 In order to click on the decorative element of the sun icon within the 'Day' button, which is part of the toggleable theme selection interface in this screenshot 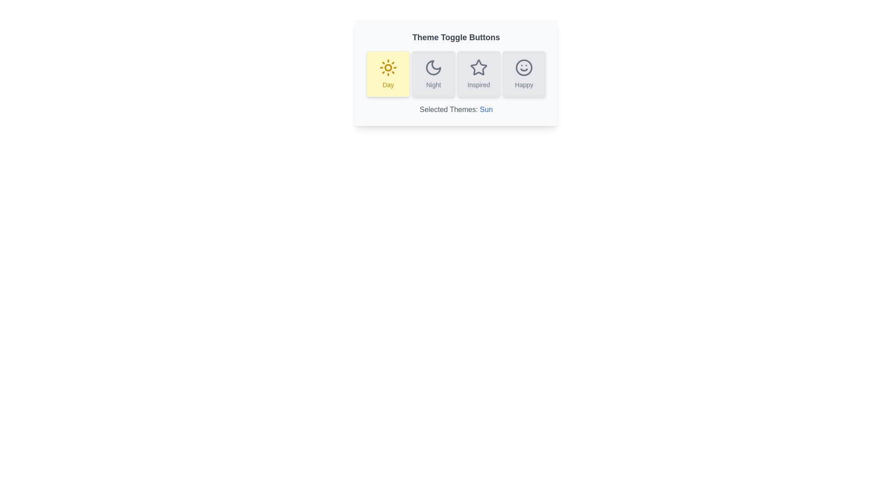, I will do `click(388, 67)`.